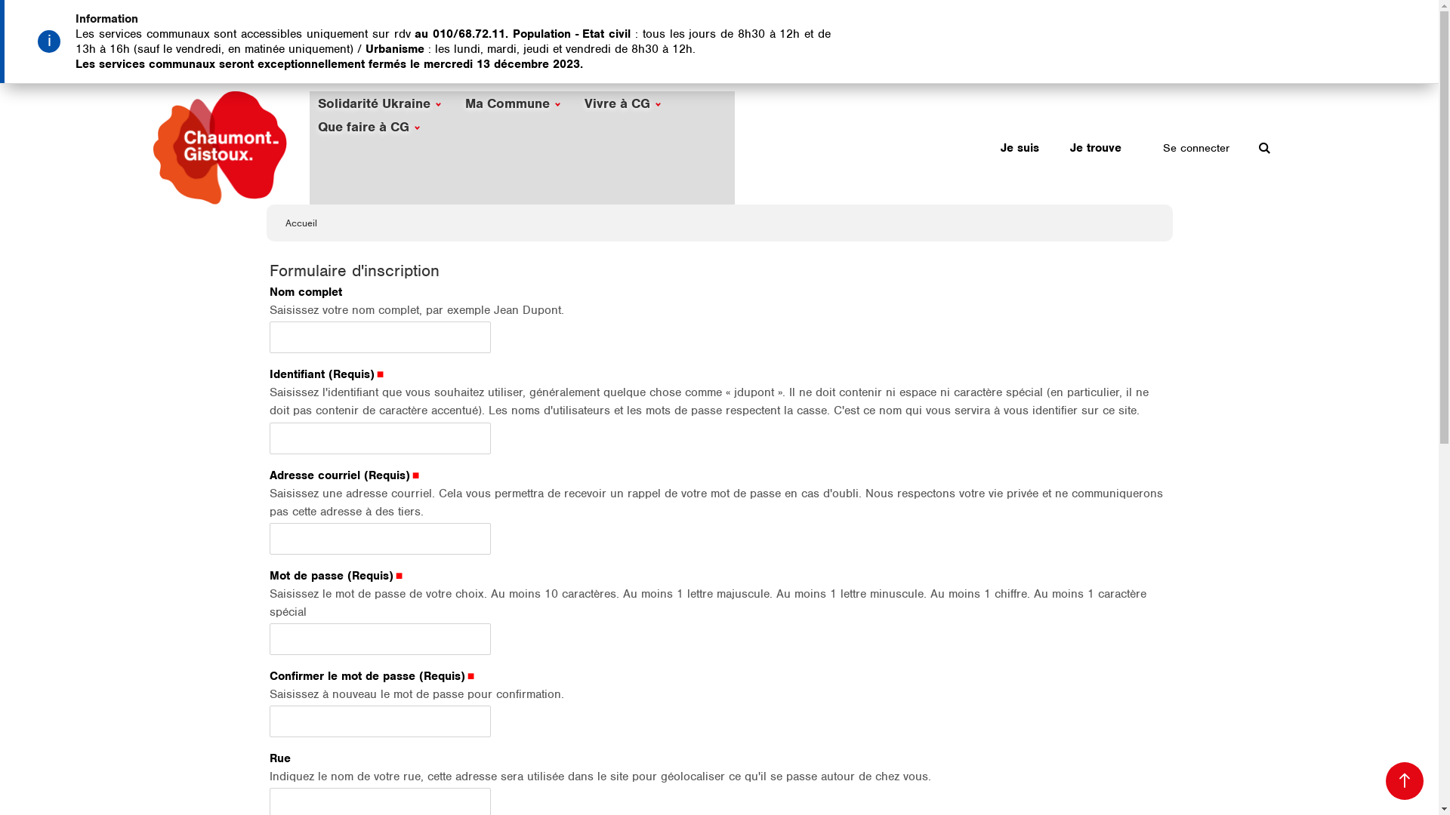 The width and height of the screenshot is (1450, 815). I want to click on 'Chercher', so click(1264, 148).